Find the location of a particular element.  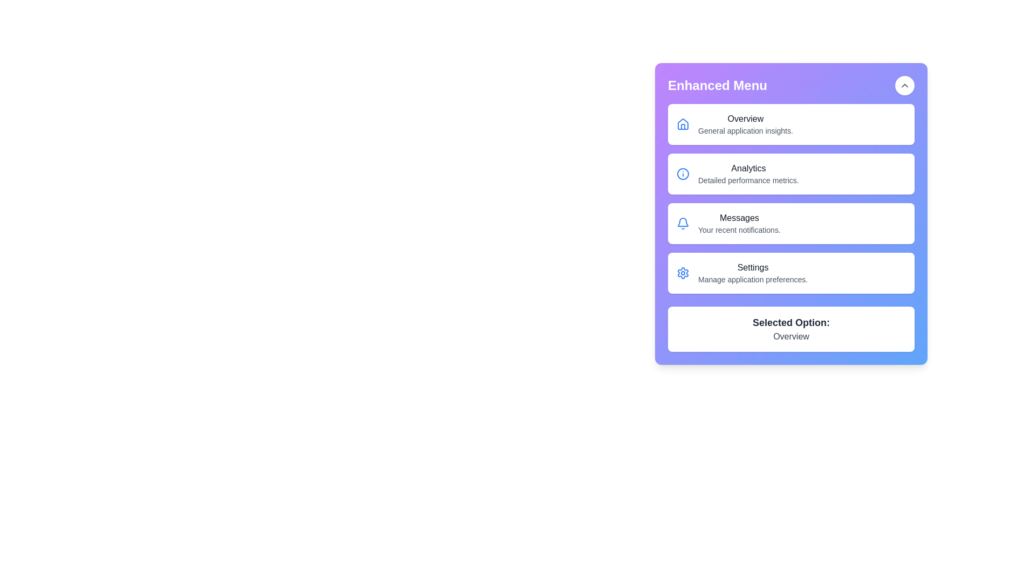

the blue house-shaped icon, which is the leading icon of the first row in the menu component is located at coordinates (683, 124).